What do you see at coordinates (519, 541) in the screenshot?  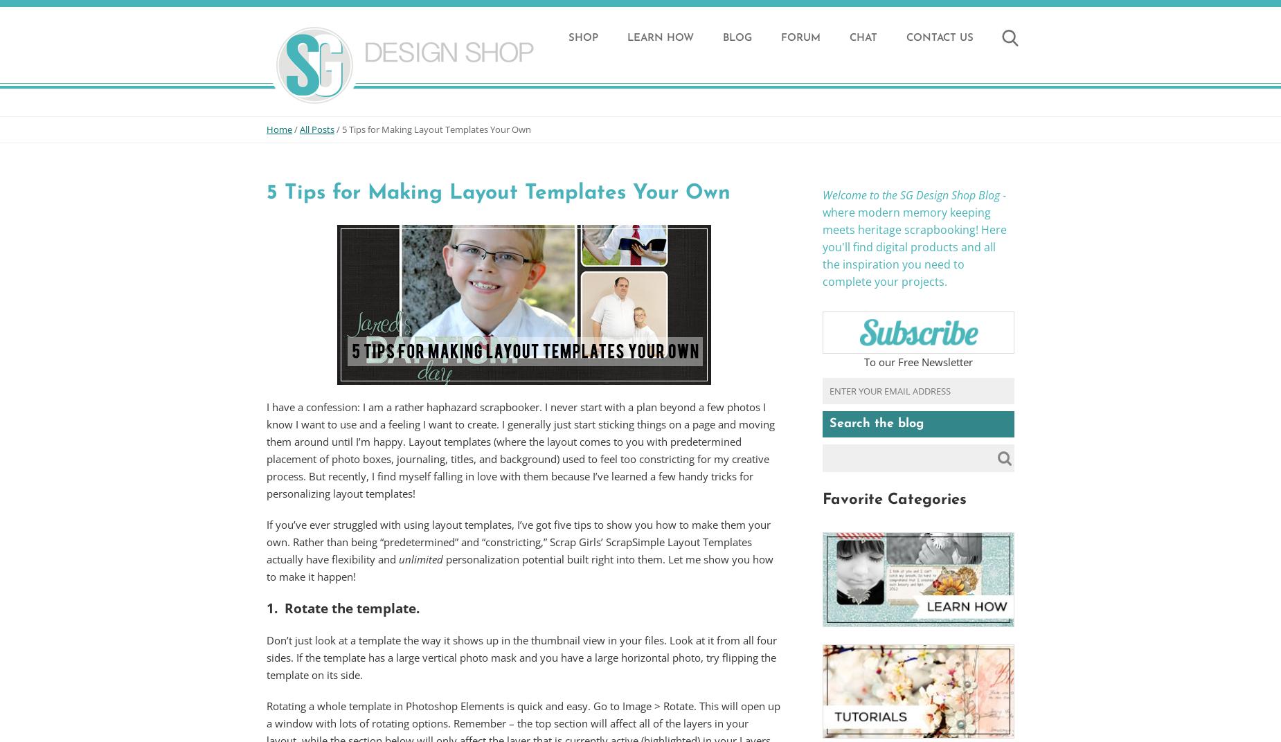 I see `'If you’ve ever struggled with using layout templates, I’ve got five tips to show you how to make them your own. Rather than being “predetermined” and “constricting,” Scrap Girls’ ScrapSimple Layout Templates actually have flexibility and'` at bounding box center [519, 541].